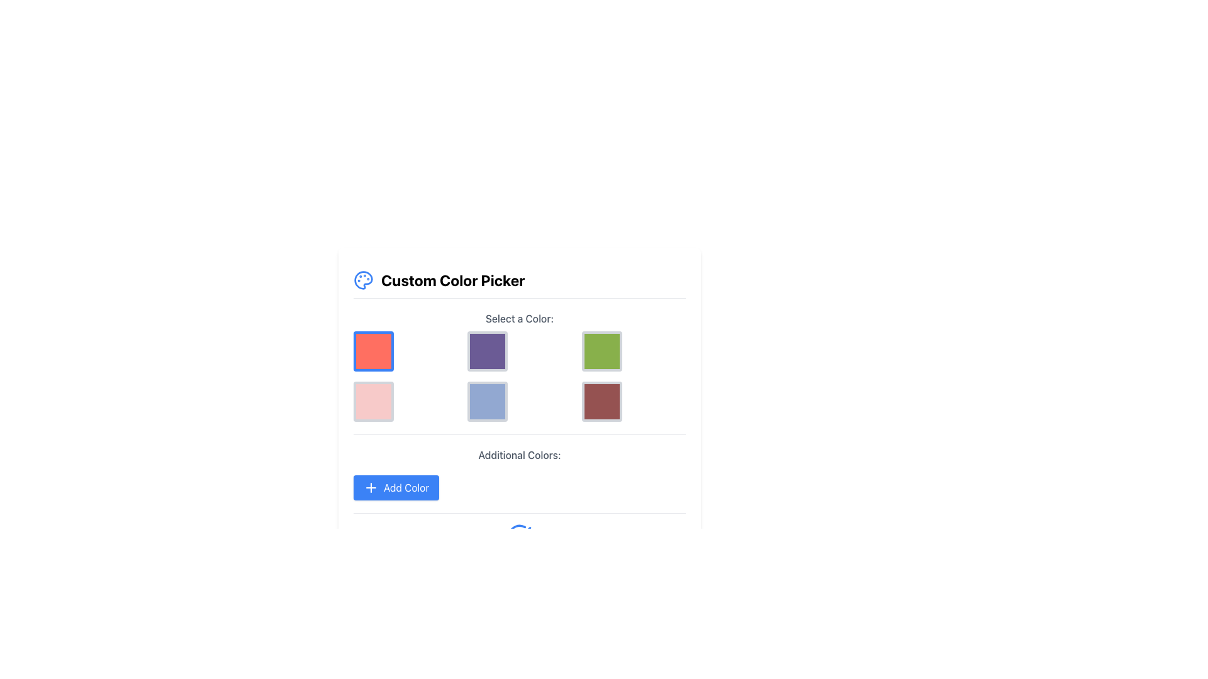  I want to click on the decorative icon indicating the color picker feature located to the left of the 'Custom Color Picker' text header, so click(362, 280).